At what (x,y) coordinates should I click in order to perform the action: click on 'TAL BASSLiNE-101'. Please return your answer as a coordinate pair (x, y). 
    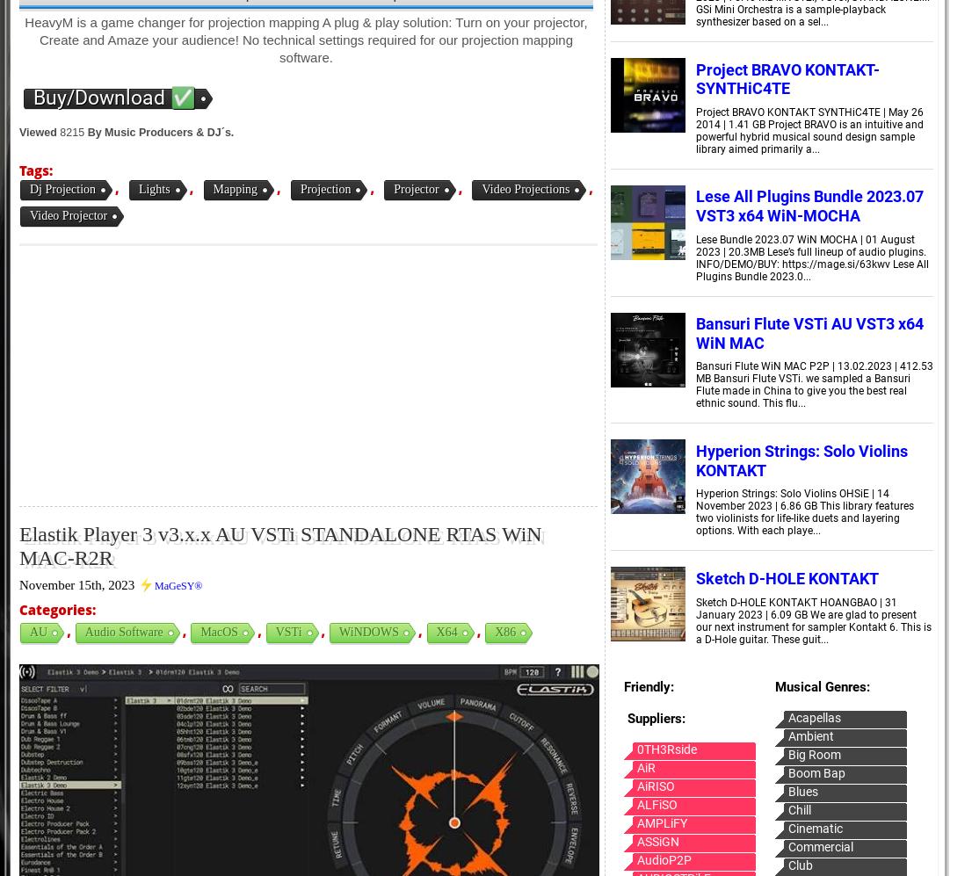
    Looking at the image, I should click on (274, 215).